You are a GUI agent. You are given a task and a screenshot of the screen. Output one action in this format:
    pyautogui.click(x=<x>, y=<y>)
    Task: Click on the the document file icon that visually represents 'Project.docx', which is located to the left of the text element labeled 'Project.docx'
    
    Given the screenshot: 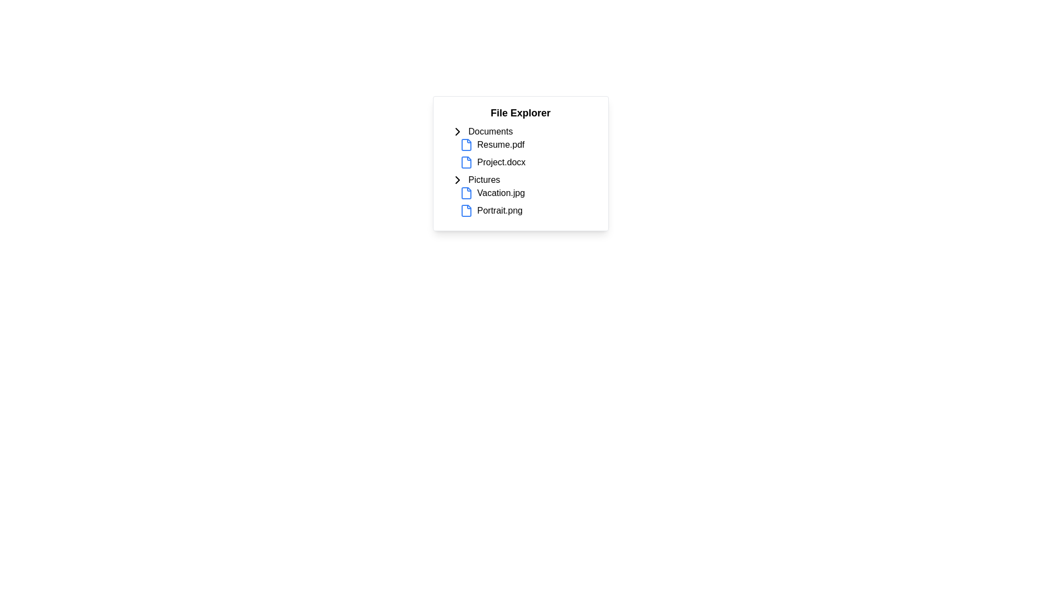 What is the action you would take?
    pyautogui.click(x=466, y=163)
    